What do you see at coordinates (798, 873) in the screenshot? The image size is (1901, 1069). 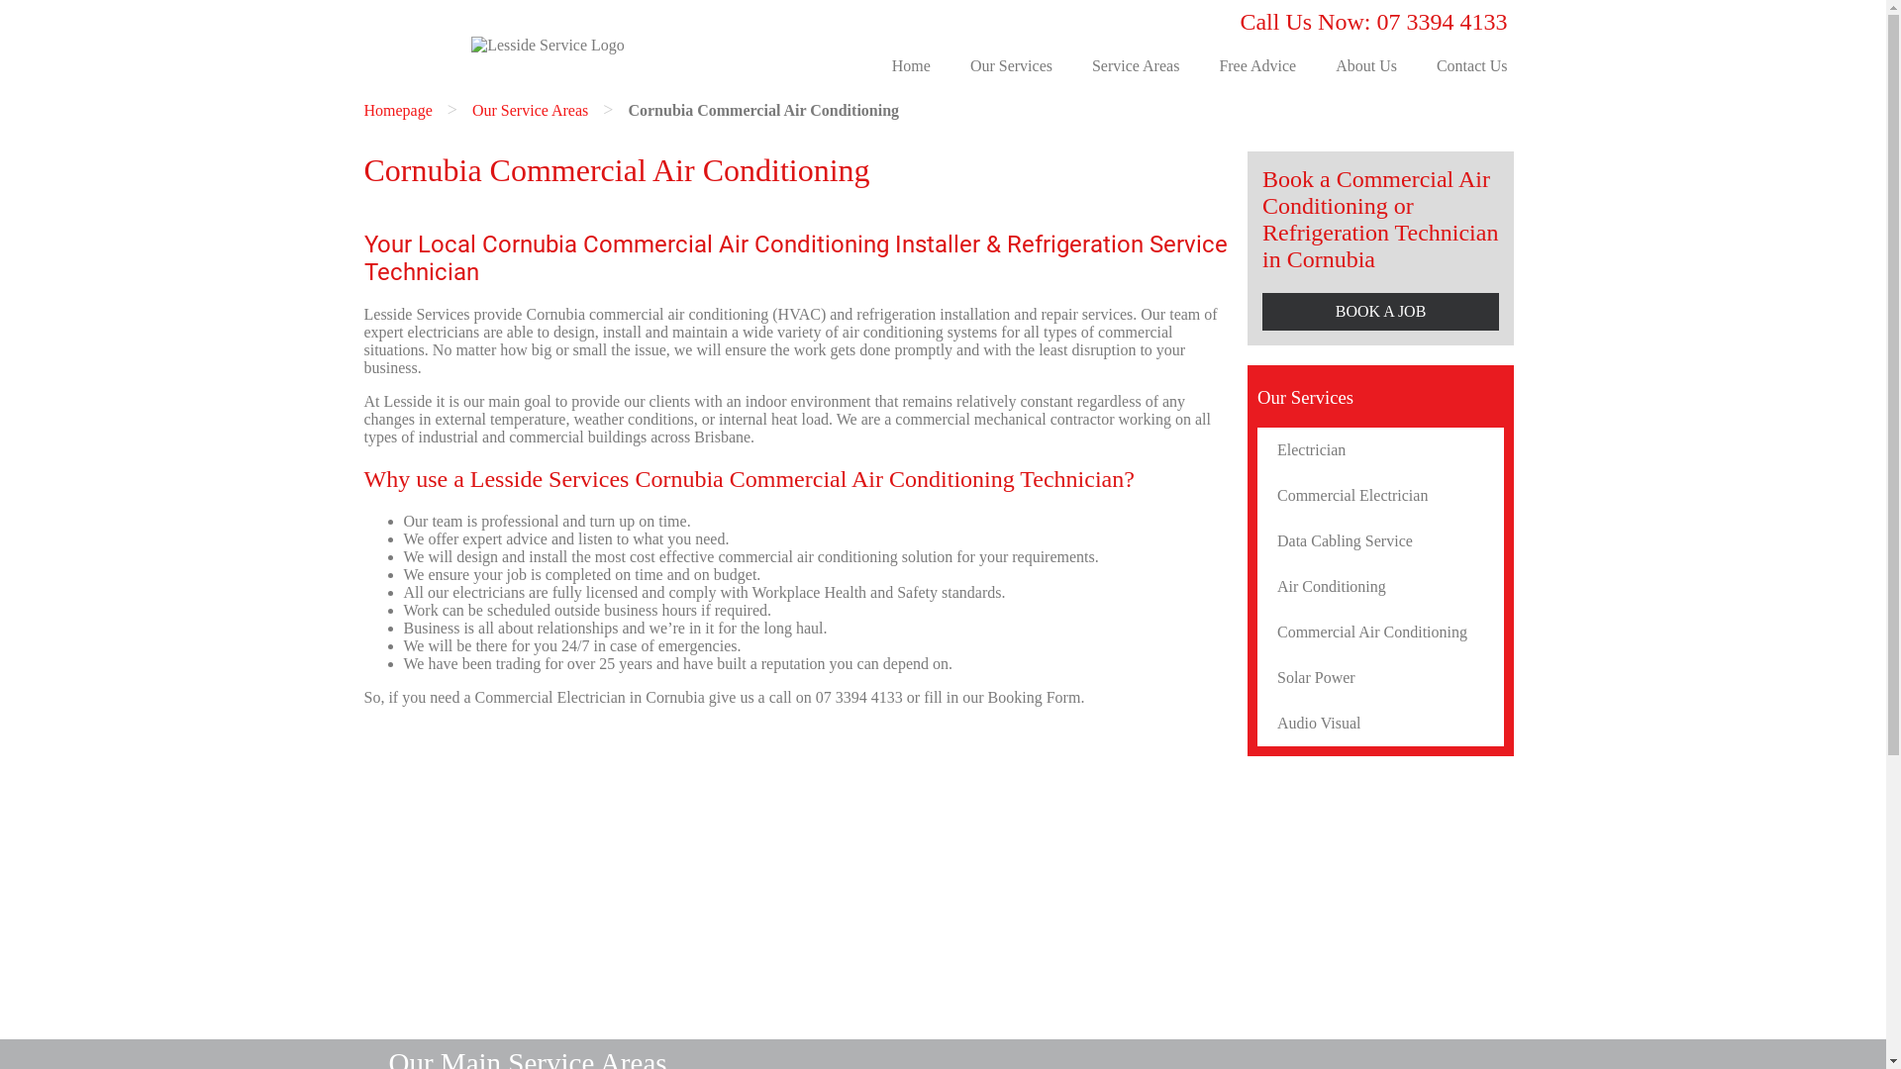 I see `'Cornubia qld'` at bounding box center [798, 873].